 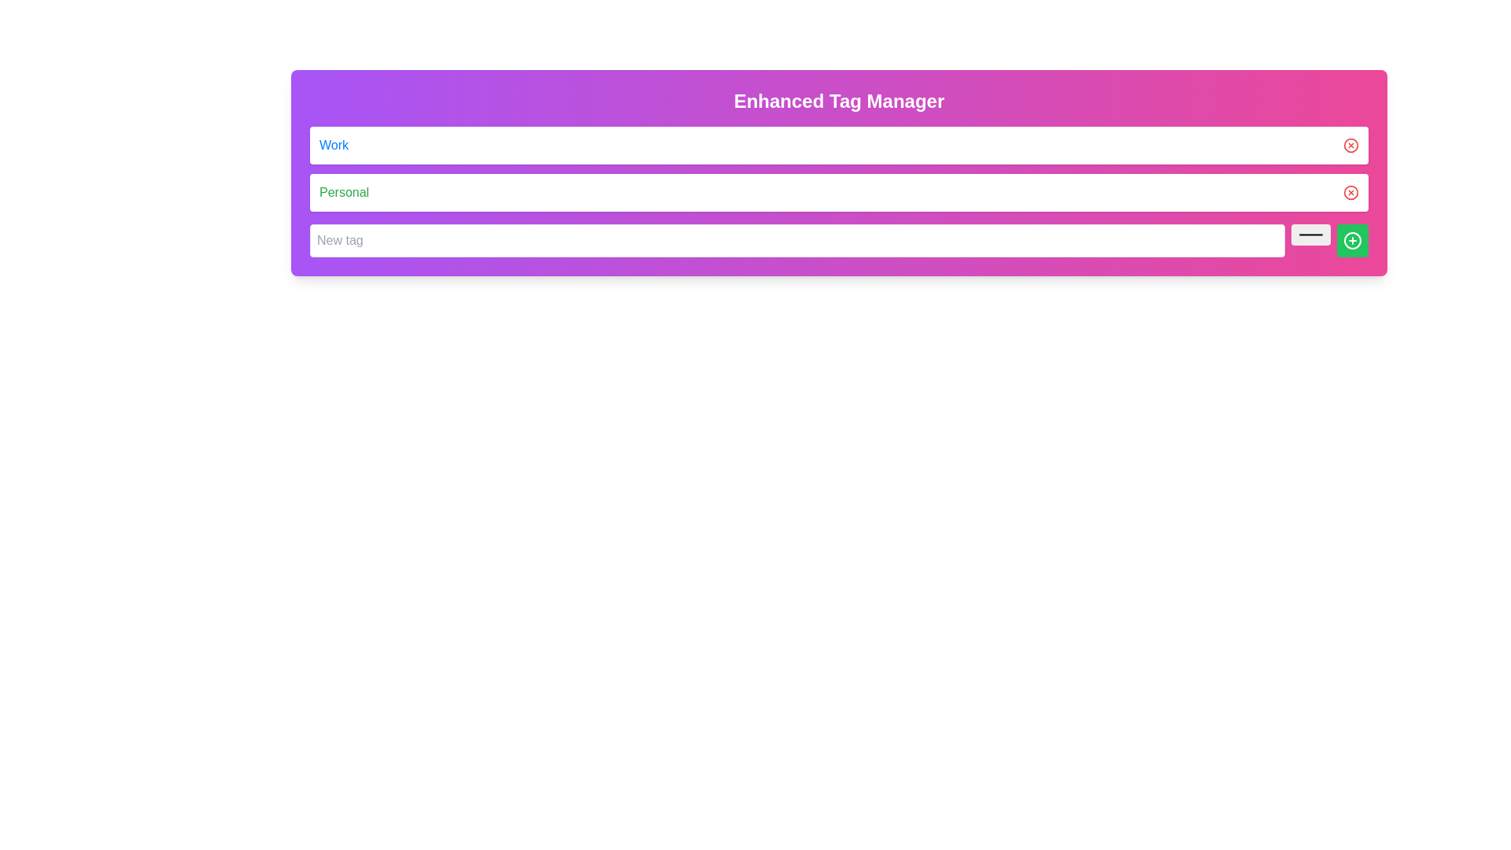 I want to click on the color picker input, which is a small rectangular element with rounded corners positioned between a text input and a green plus button, so click(x=1310, y=234).